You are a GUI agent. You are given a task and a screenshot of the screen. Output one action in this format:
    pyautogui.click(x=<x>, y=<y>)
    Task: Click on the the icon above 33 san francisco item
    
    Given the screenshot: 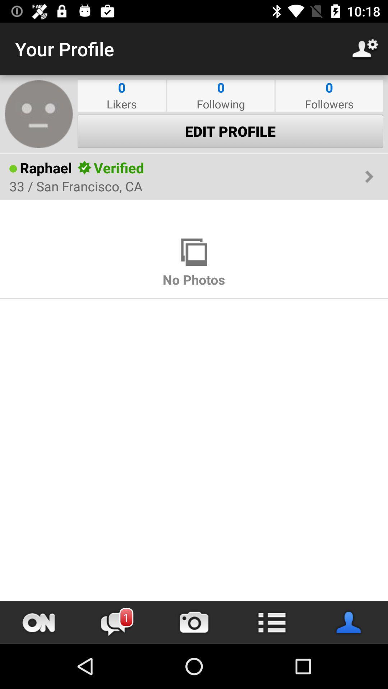 What is the action you would take?
    pyautogui.click(x=119, y=167)
    